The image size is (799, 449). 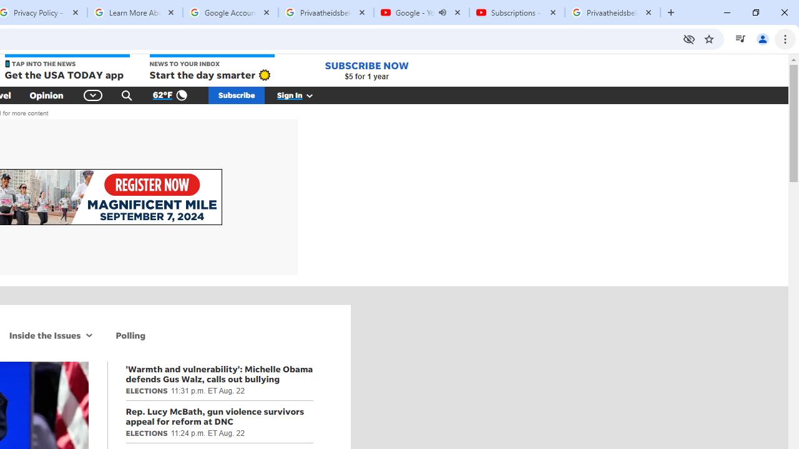 What do you see at coordinates (92, 95) in the screenshot?
I see `'Global Navigation'` at bounding box center [92, 95].